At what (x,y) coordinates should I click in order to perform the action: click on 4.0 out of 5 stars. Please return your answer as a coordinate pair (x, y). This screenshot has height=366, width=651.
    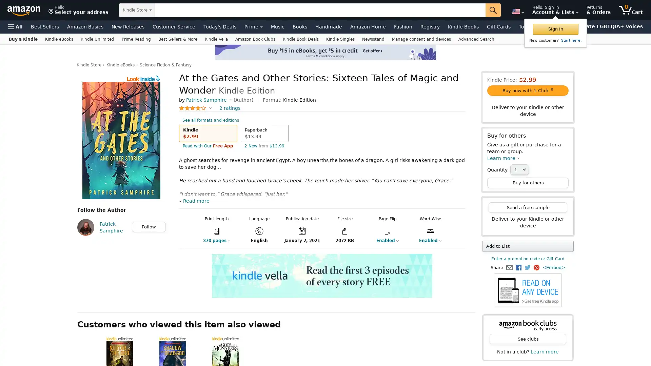
    Looking at the image, I should click on (195, 108).